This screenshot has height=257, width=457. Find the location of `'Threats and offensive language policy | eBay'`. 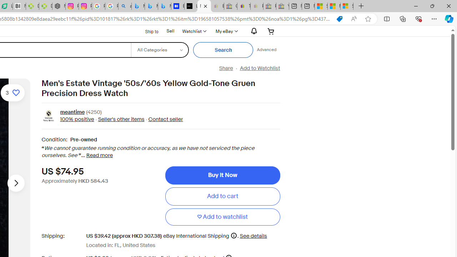

'Threats and offensive language policy | eBay' is located at coordinates (243, 6).